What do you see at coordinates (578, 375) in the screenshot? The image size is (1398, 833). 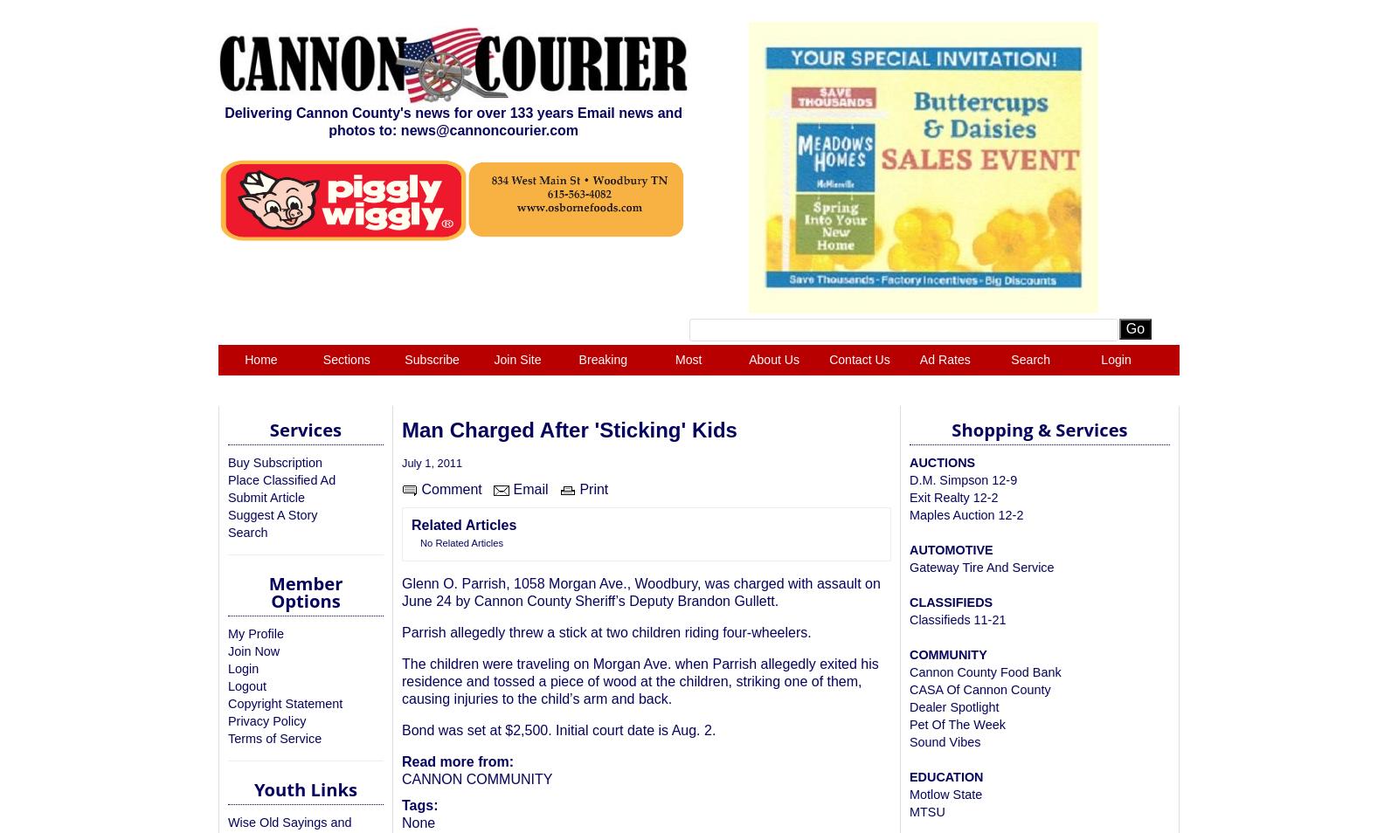 I see `'Breaking News'` at bounding box center [578, 375].